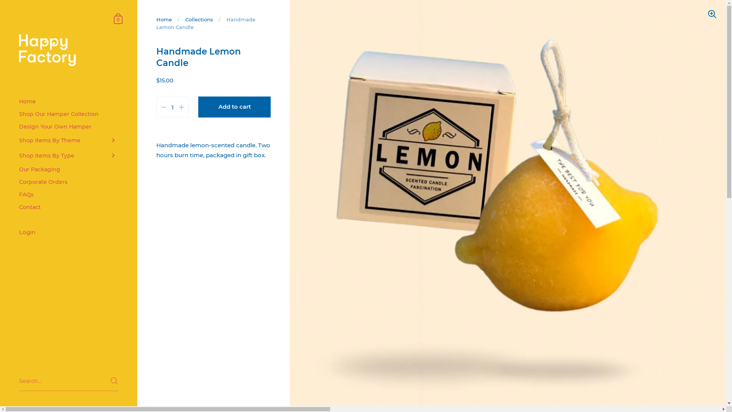 This screenshot has width=732, height=412. I want to click on 'Corporate Orders', so click(68, 182).